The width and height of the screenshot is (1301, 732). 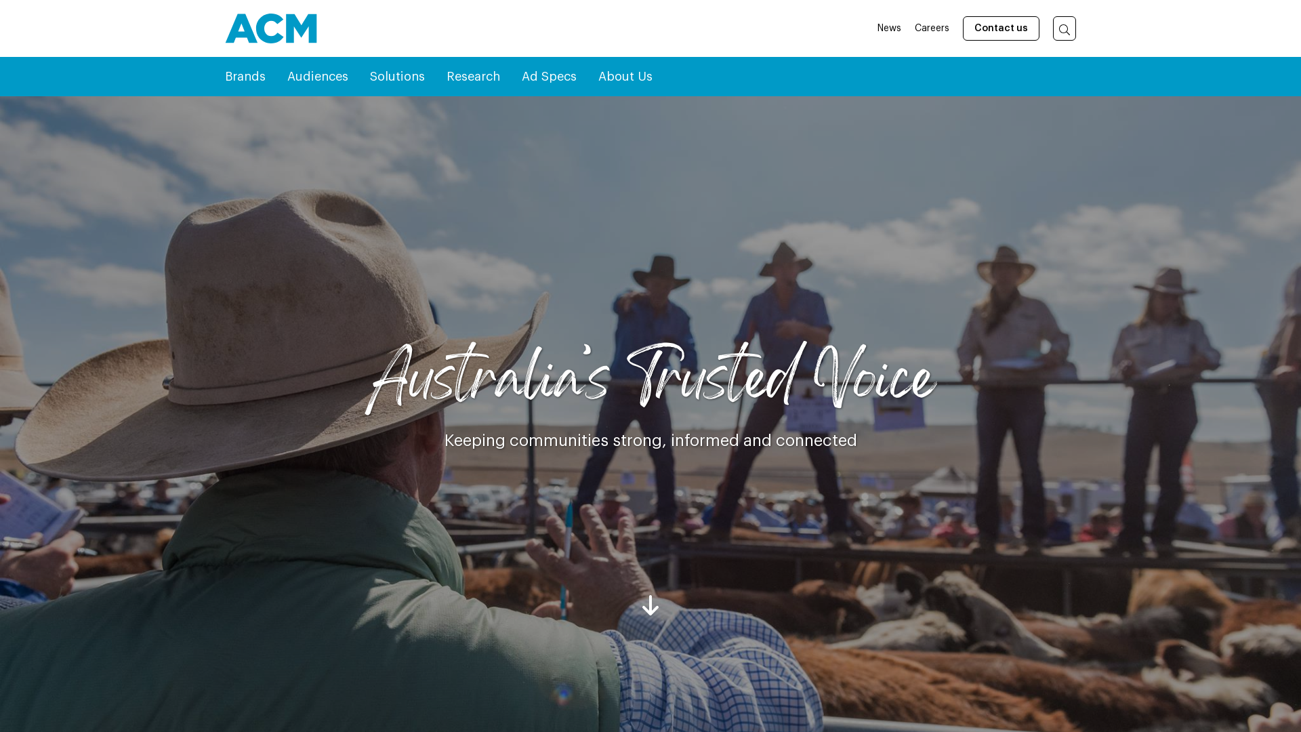 I want to click on 'Brands', so click(x=245, y=76).